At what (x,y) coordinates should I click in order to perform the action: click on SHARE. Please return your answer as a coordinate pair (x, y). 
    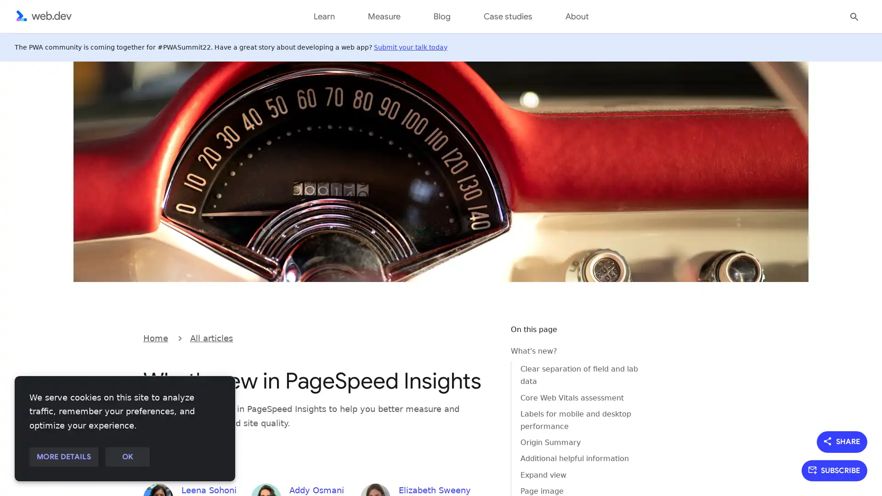
    Looking at the image, I should click on (842, 441).